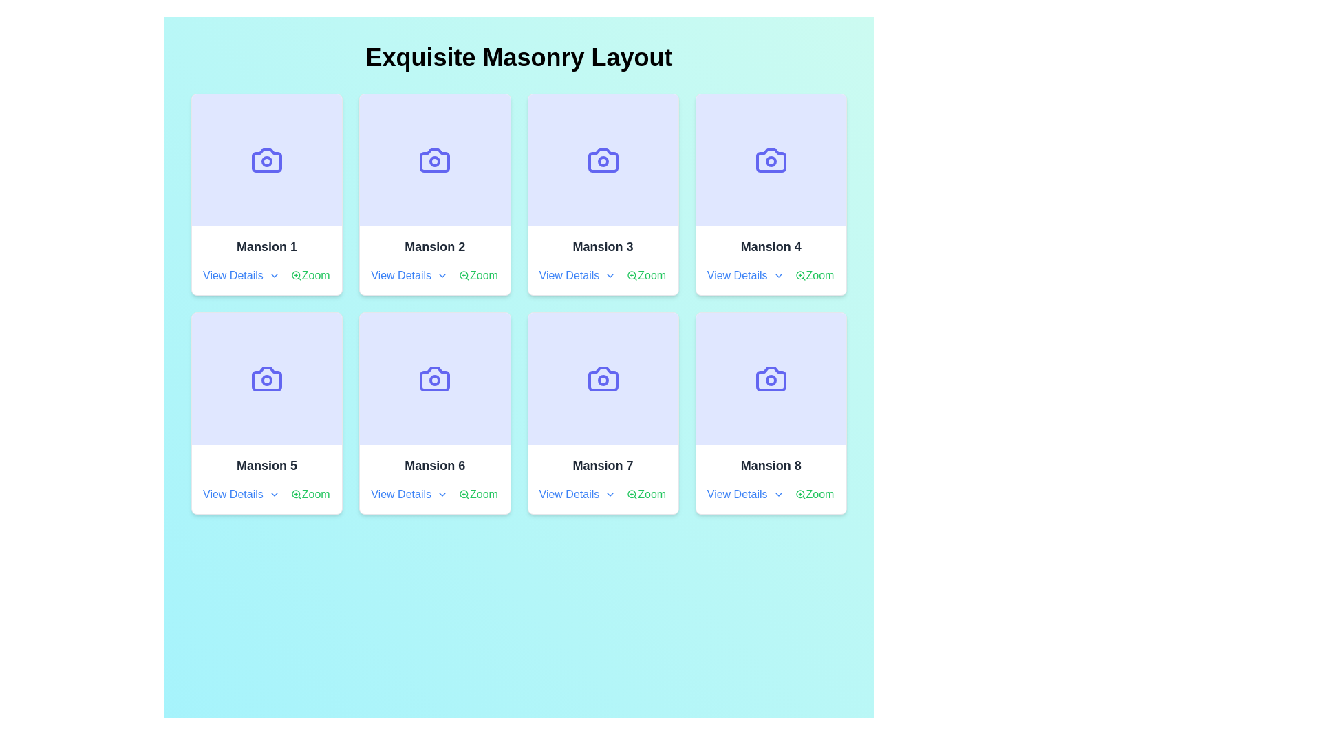  What do you see at coordinates (464, 276) in the screenshot?
I see `the green magnifying glass icon with a plus sign inside, located within the 'Mansion 2' card under the 'Zoom' text` at bounding box center [464, 276].